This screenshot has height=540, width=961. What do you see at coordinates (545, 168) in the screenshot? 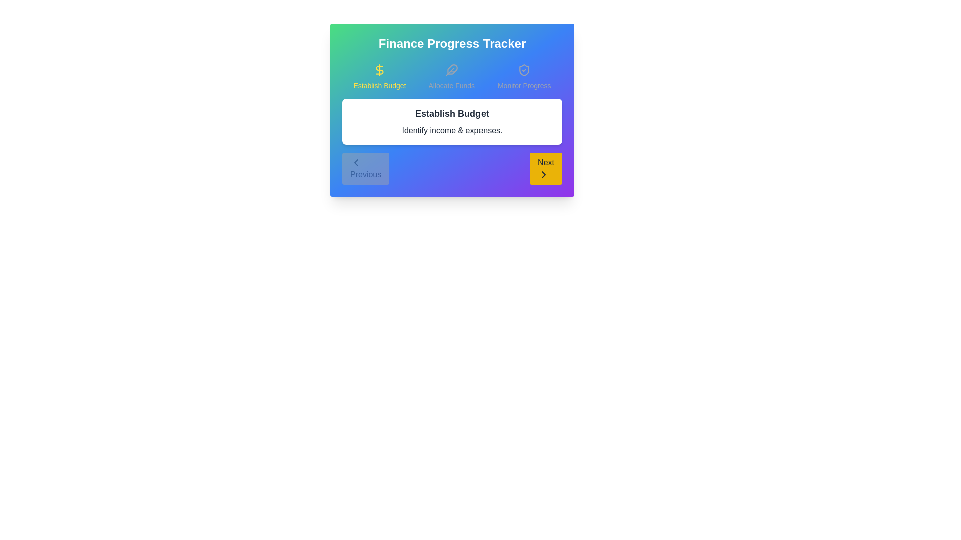
I see `the 'Next' button to navigate to the next process` at bounding box center [545, 168].